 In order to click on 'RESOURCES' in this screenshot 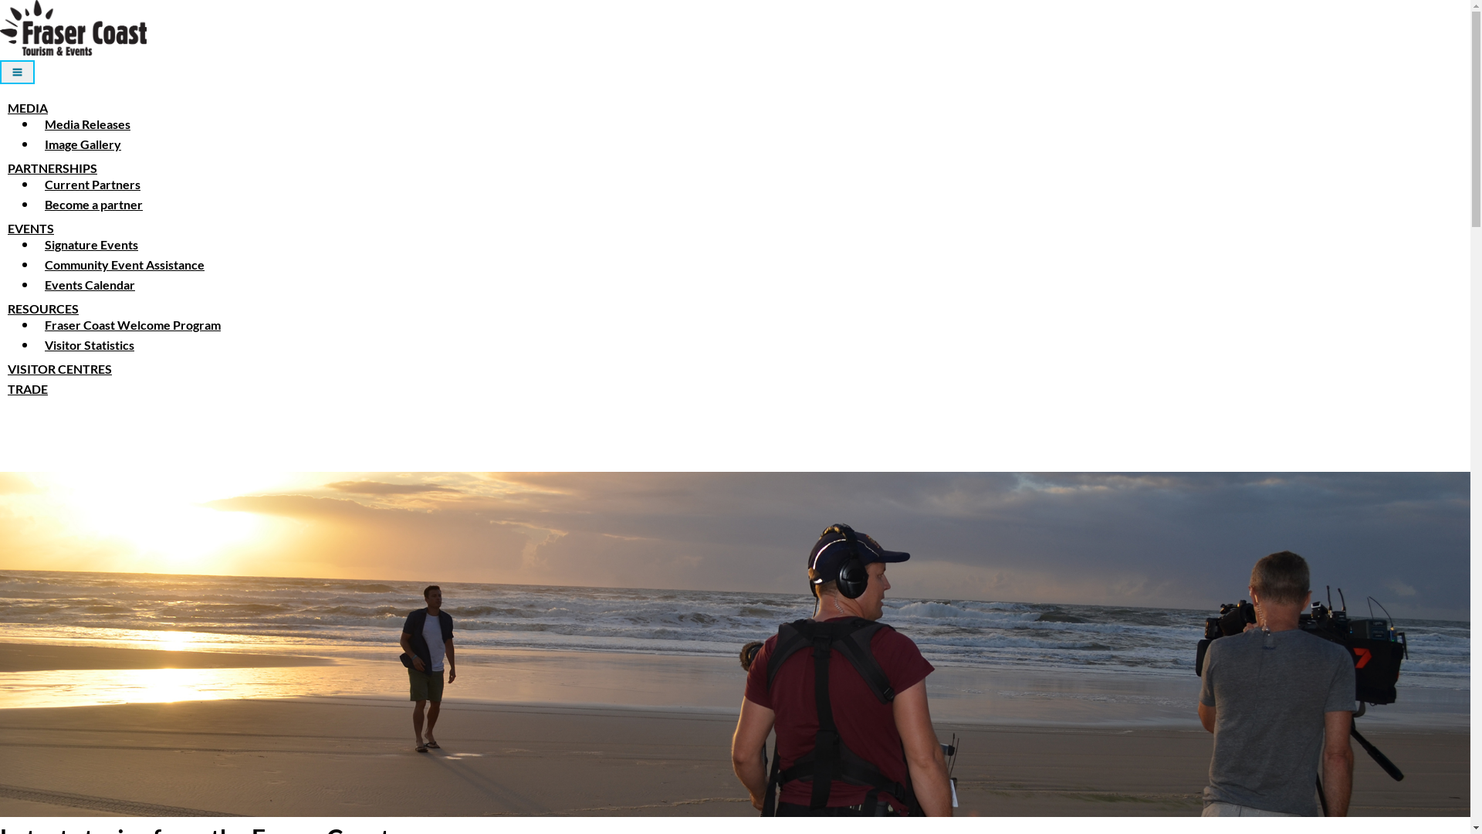, I will do `click(43, 308)`.